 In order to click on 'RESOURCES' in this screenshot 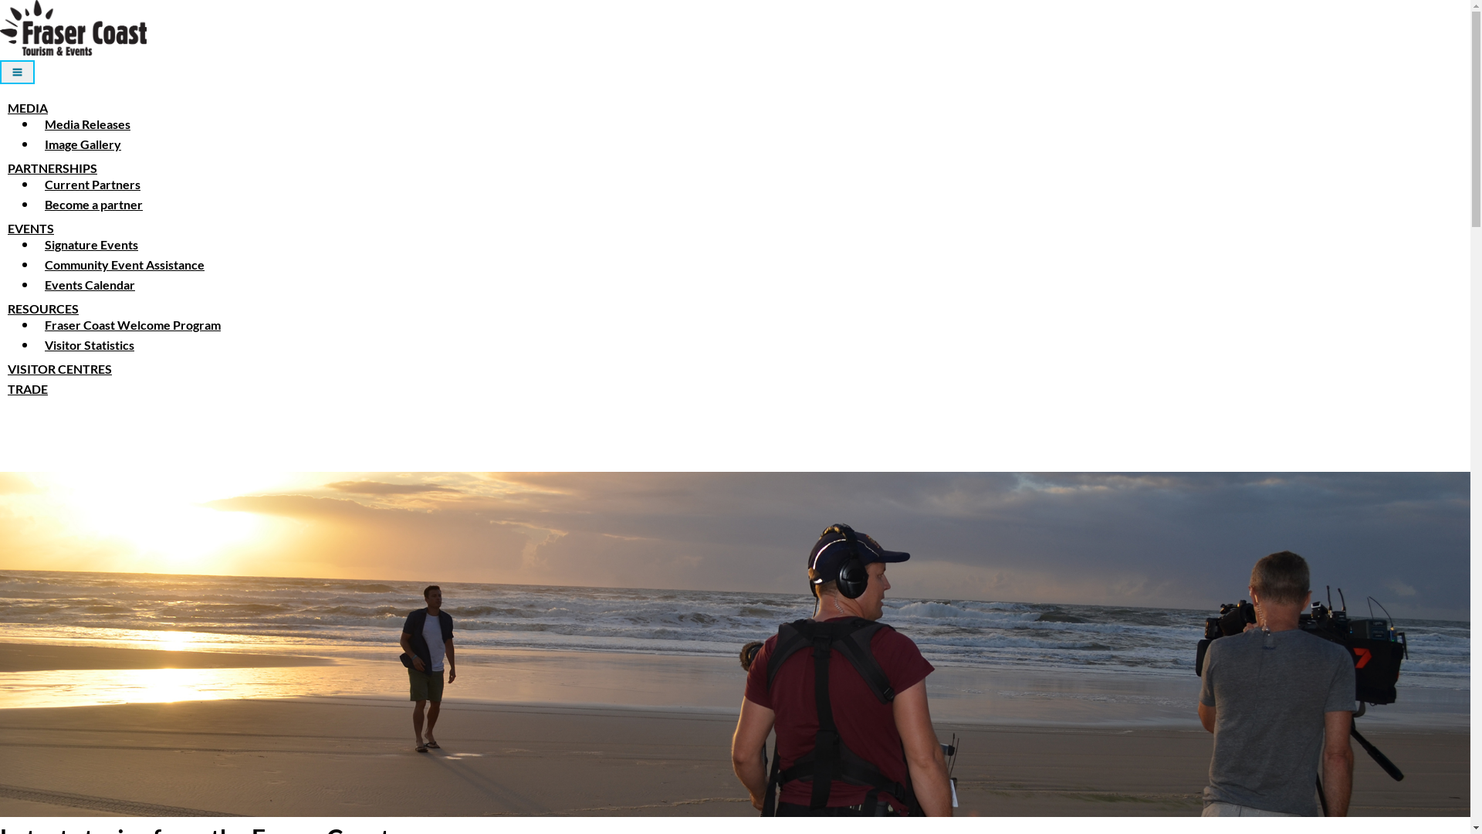, I will do `click(43, 308)`.